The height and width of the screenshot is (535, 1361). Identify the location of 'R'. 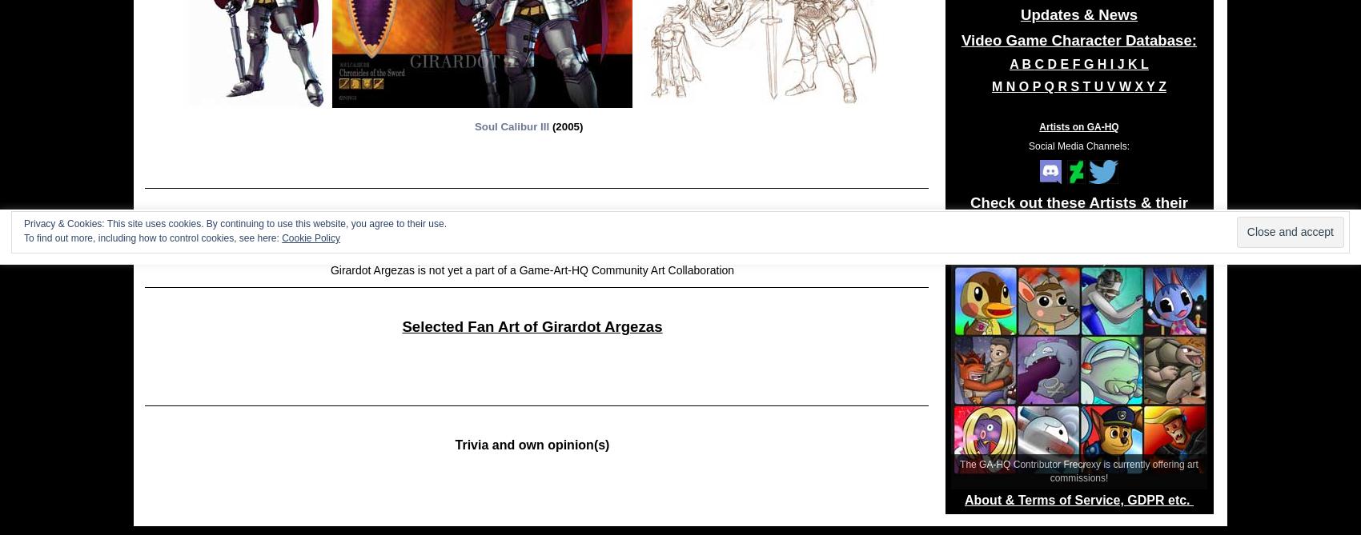
(1058, 86).